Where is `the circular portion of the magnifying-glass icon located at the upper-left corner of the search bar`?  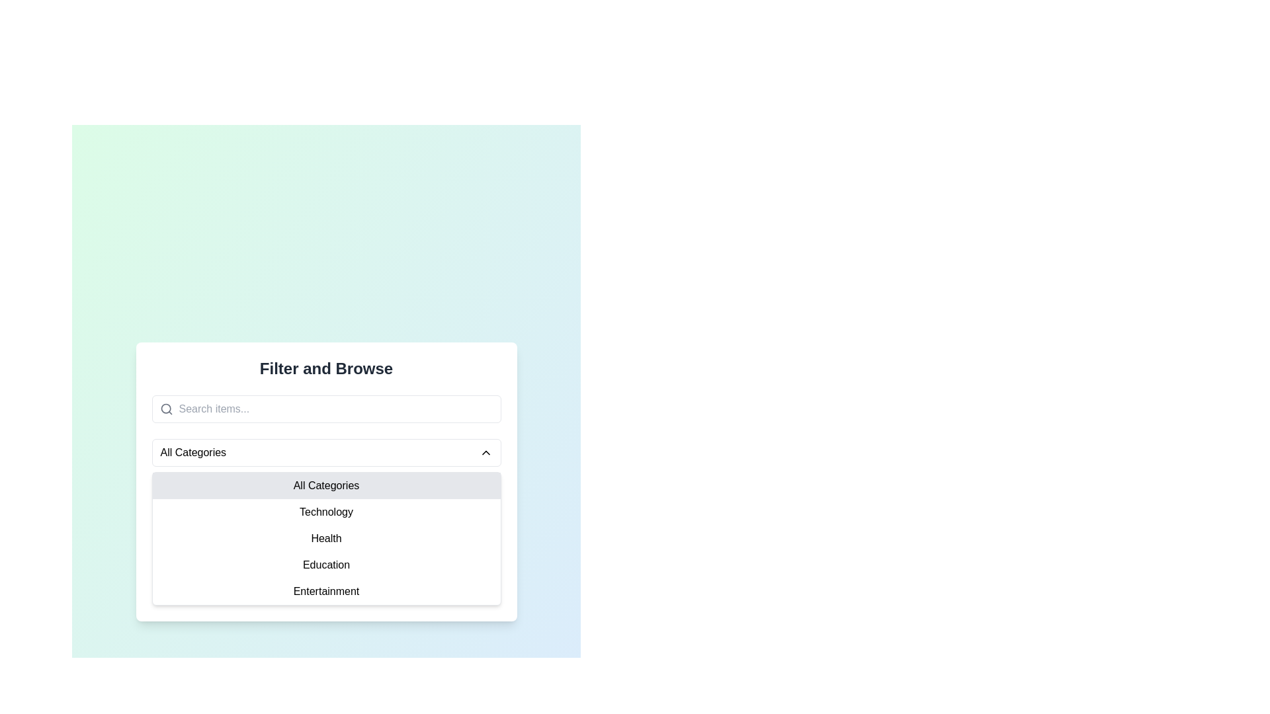
the circular portion of the magnifying-glass icon located at the upper-left corner of the search bar is located at coordinates (165, 408).